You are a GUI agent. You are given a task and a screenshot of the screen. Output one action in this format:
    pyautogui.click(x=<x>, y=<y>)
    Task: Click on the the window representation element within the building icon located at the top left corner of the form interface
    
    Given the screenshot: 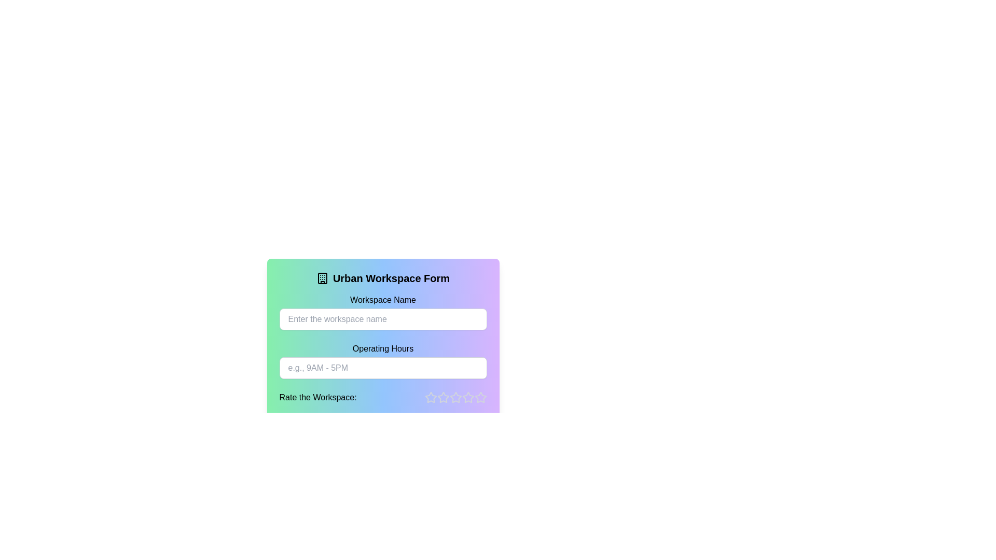 What is the action you would take?
    pyautogui.click(x=322, y=277)
    